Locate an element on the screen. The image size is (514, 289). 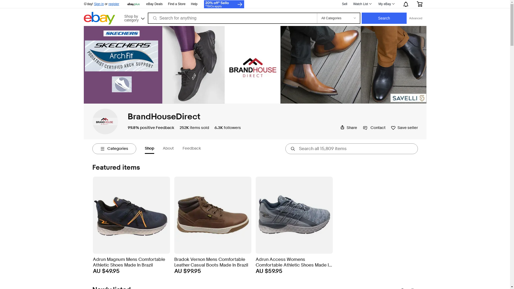
'BrandHouseDirect' is located at coordinates (163, 116).